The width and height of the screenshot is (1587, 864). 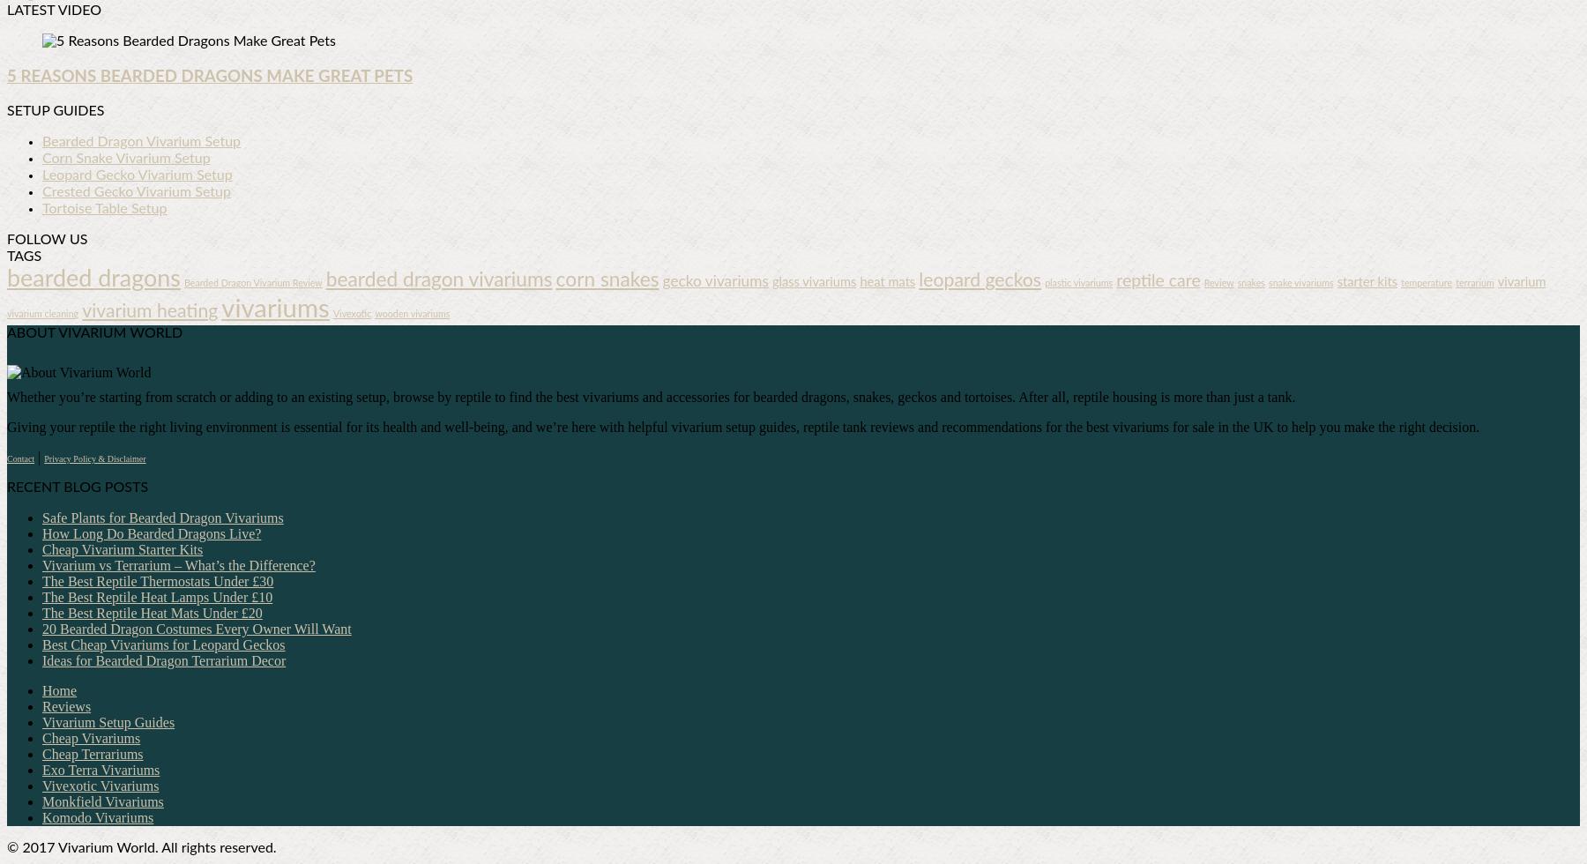 I want to click on 'glass vivariums', so click(x=813, y=282).